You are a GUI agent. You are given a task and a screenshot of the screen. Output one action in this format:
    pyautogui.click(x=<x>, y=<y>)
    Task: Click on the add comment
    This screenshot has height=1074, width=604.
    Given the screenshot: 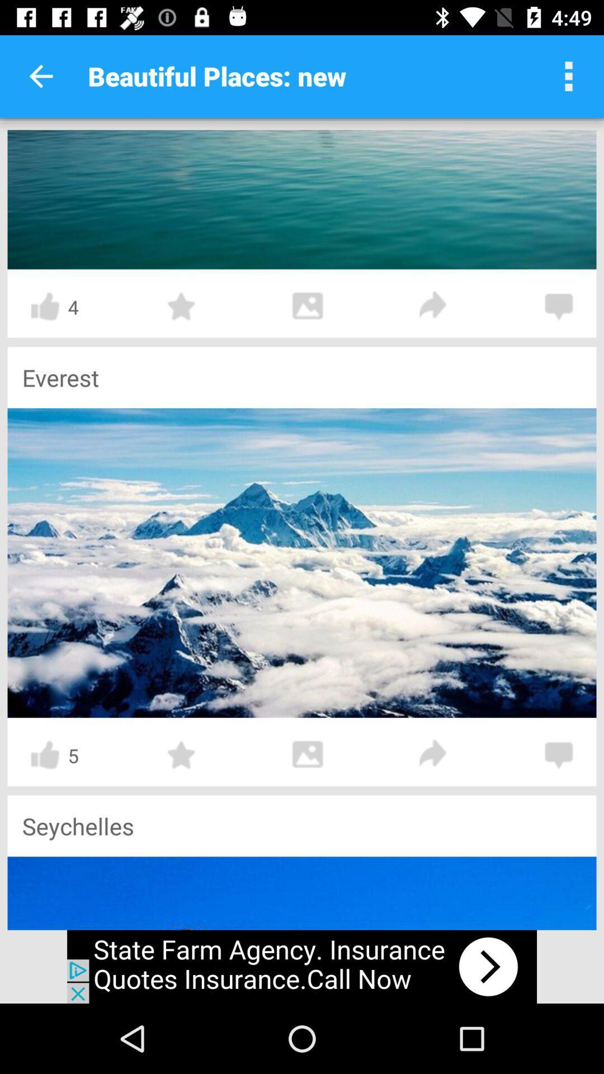 What is the action you would take?
    pyautogui.click(x=559, y=307)
    